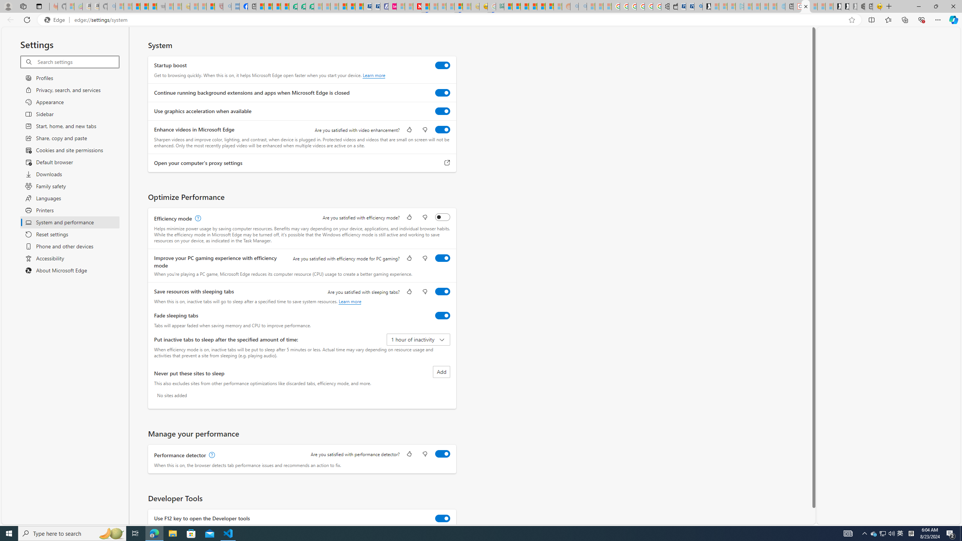 This screenshot has width=962, height=541. I want to click on 'Enhance videos in Microsoft Edge', so click(442, 129).